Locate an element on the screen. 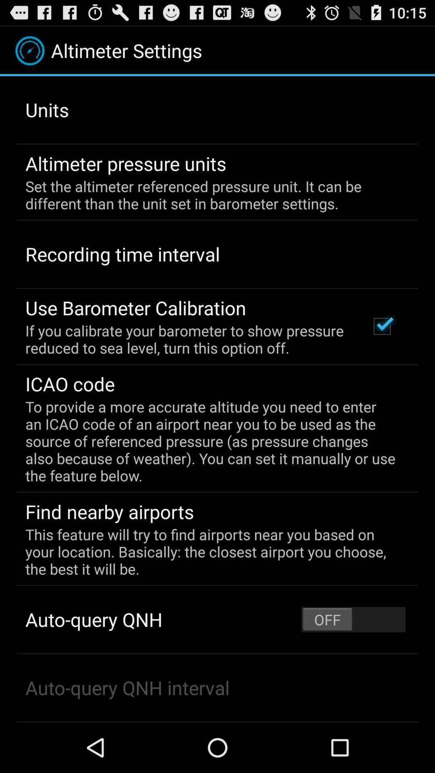  the item below the recording time interval is located at coordinates (135, 307).